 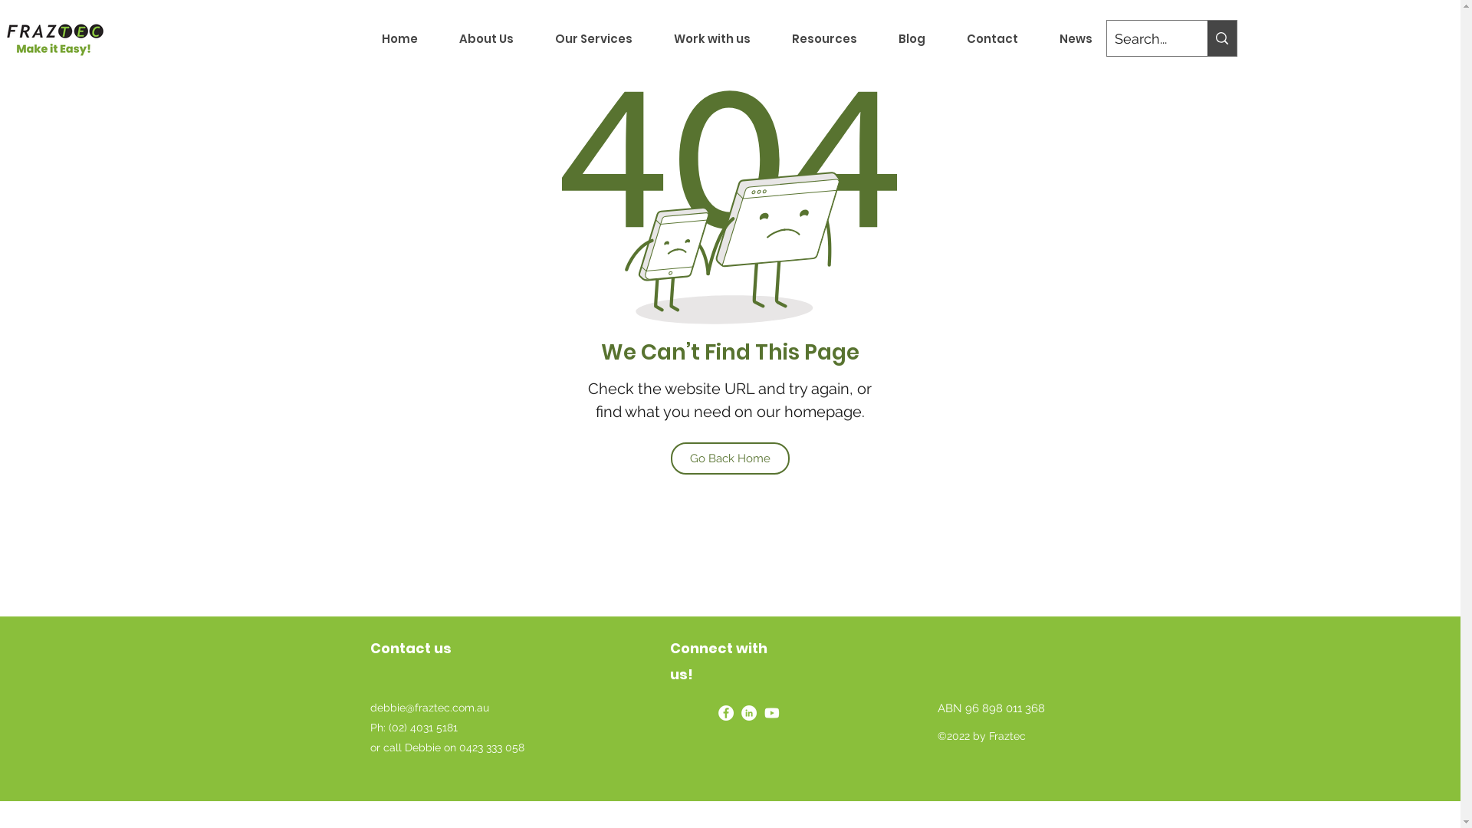 What do you see at coordinates (711, 38) in the screenshot?
I see `'Work with us'` at bounding box center [711, 38].